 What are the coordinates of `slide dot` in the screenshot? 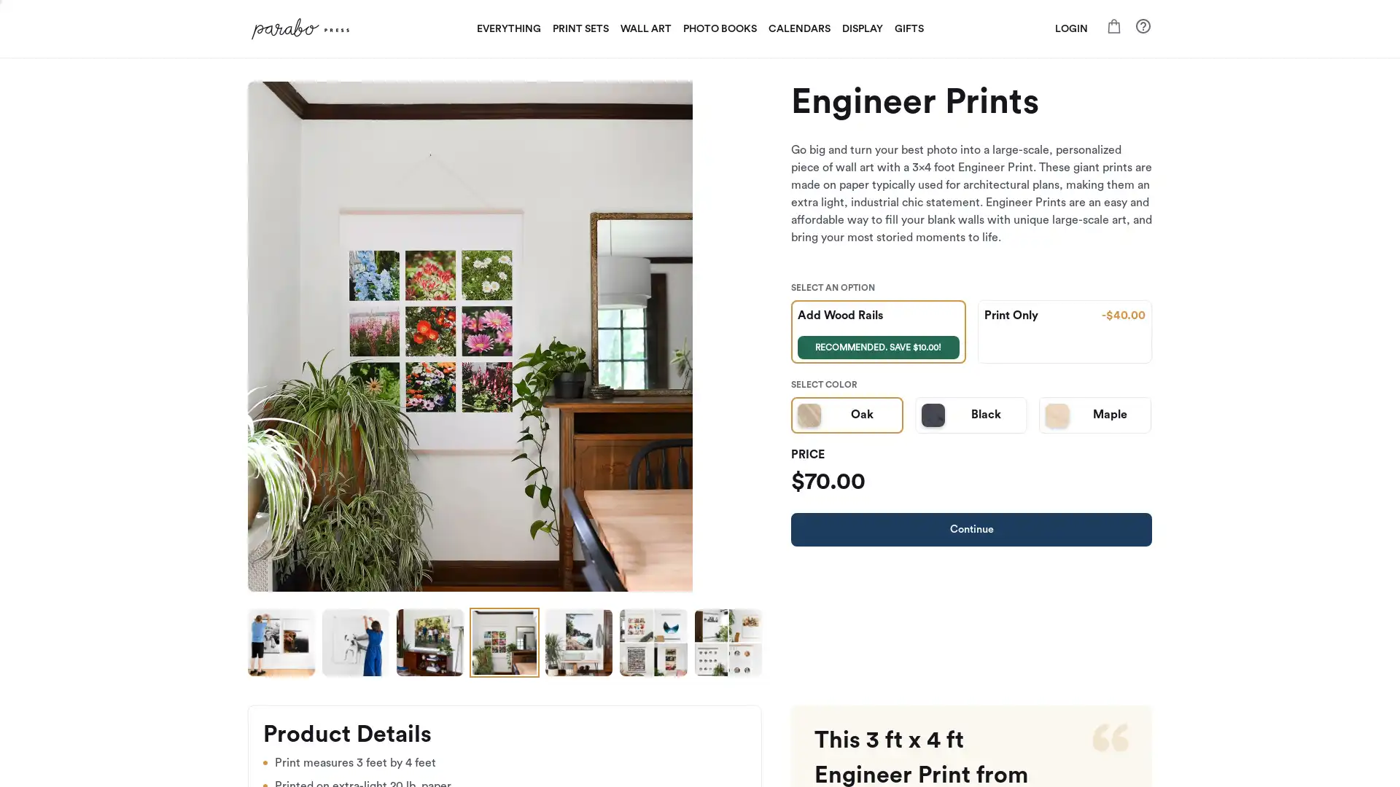 It's located at (429, 642).